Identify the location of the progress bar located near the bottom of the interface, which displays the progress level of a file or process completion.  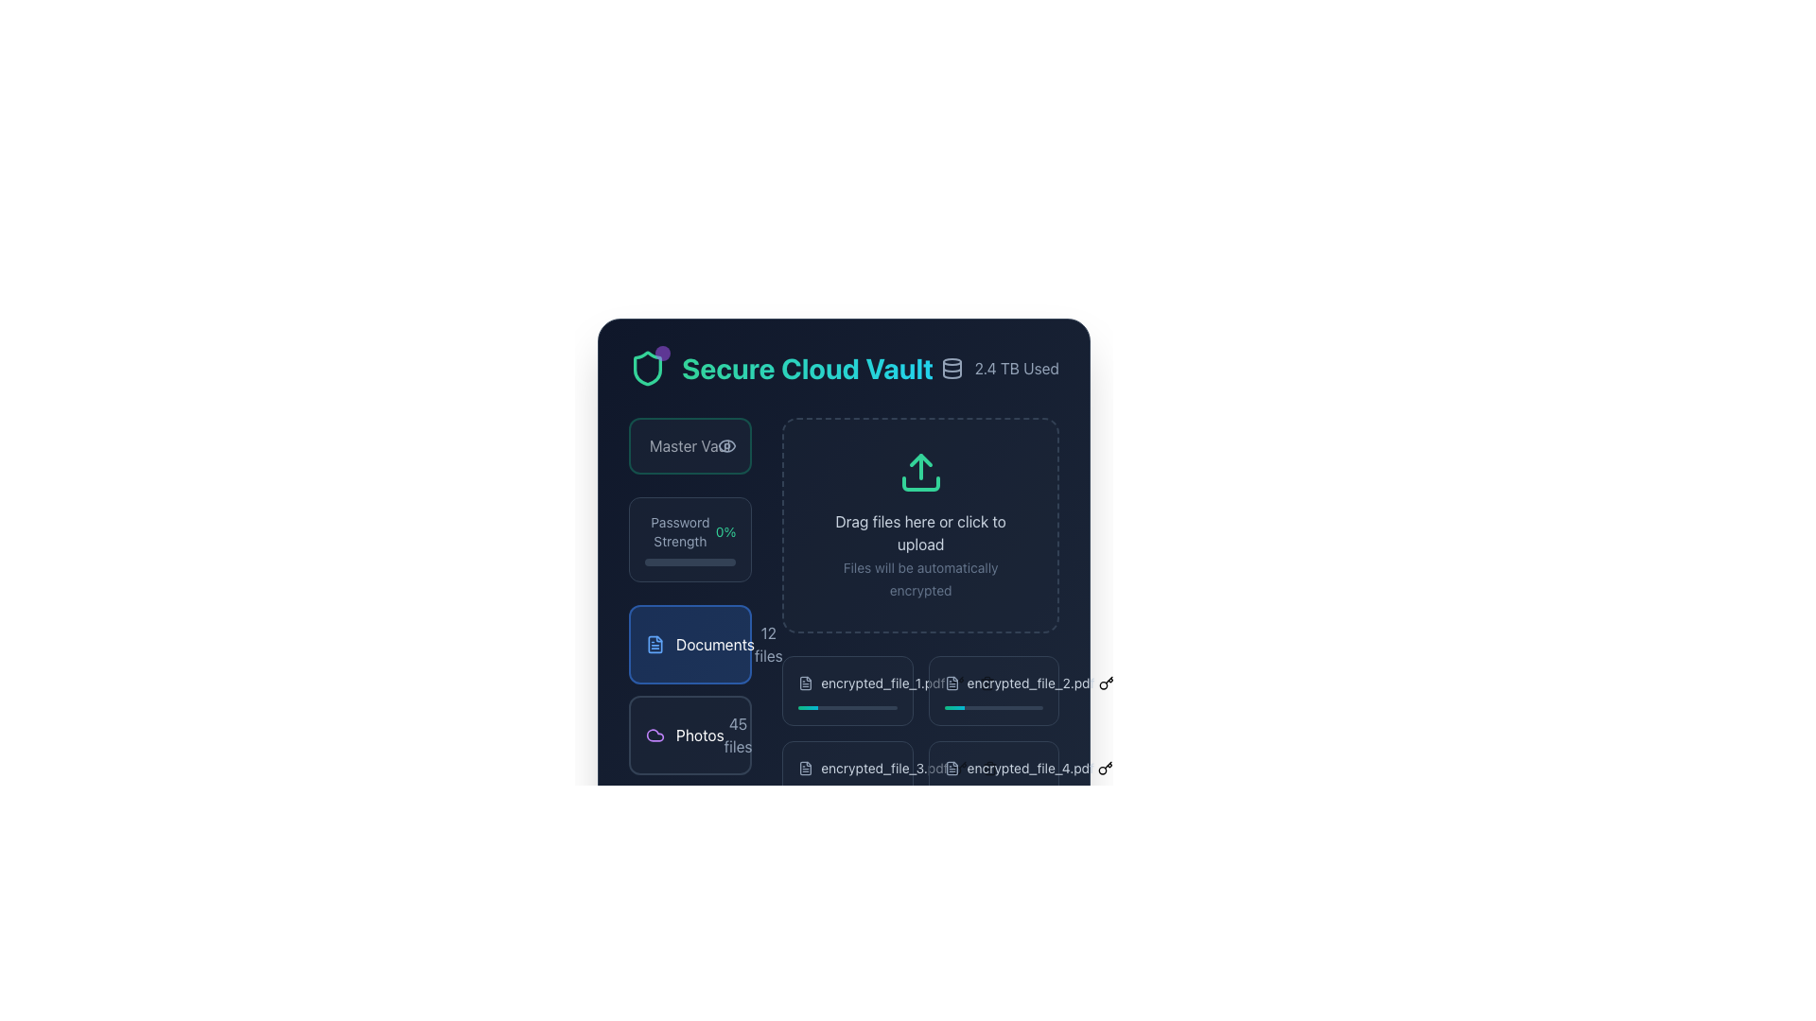
(837, 793).